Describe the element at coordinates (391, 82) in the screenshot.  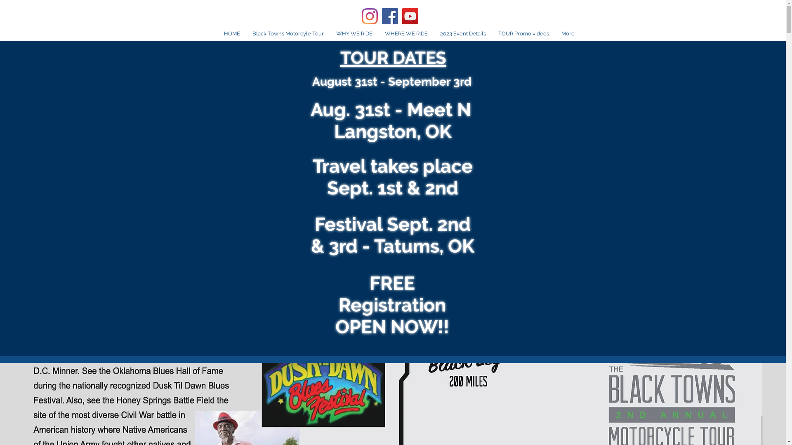
I see `'August 31st - September 3rd'` at that location.